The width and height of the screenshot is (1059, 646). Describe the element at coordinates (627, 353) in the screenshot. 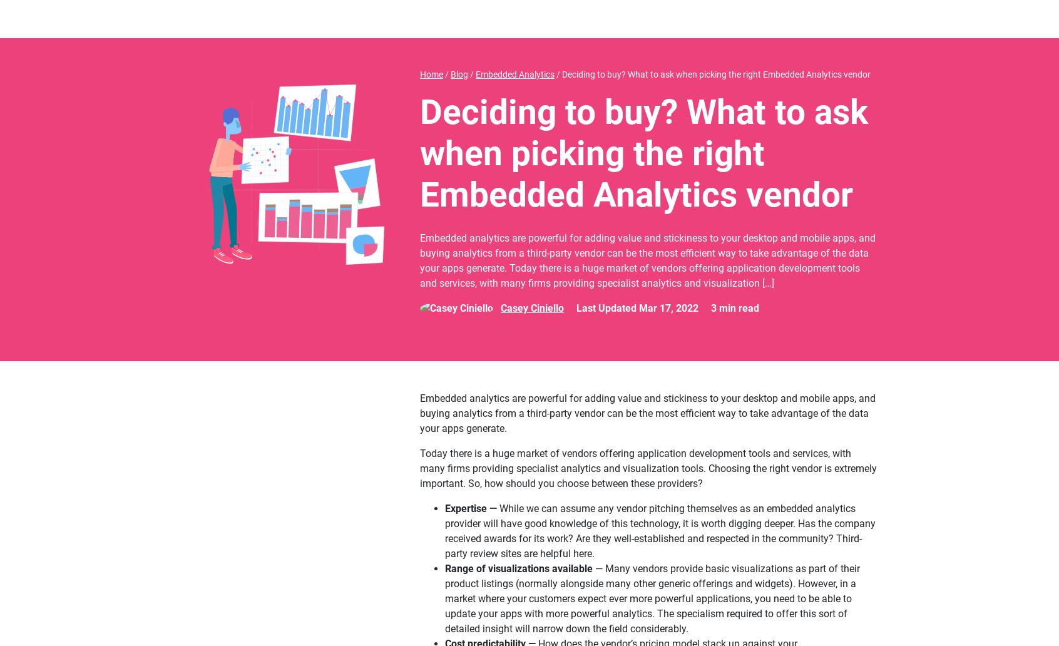

I see `'This is the third post in a series about the value of including embedded analytics in your apps.'` at that location.